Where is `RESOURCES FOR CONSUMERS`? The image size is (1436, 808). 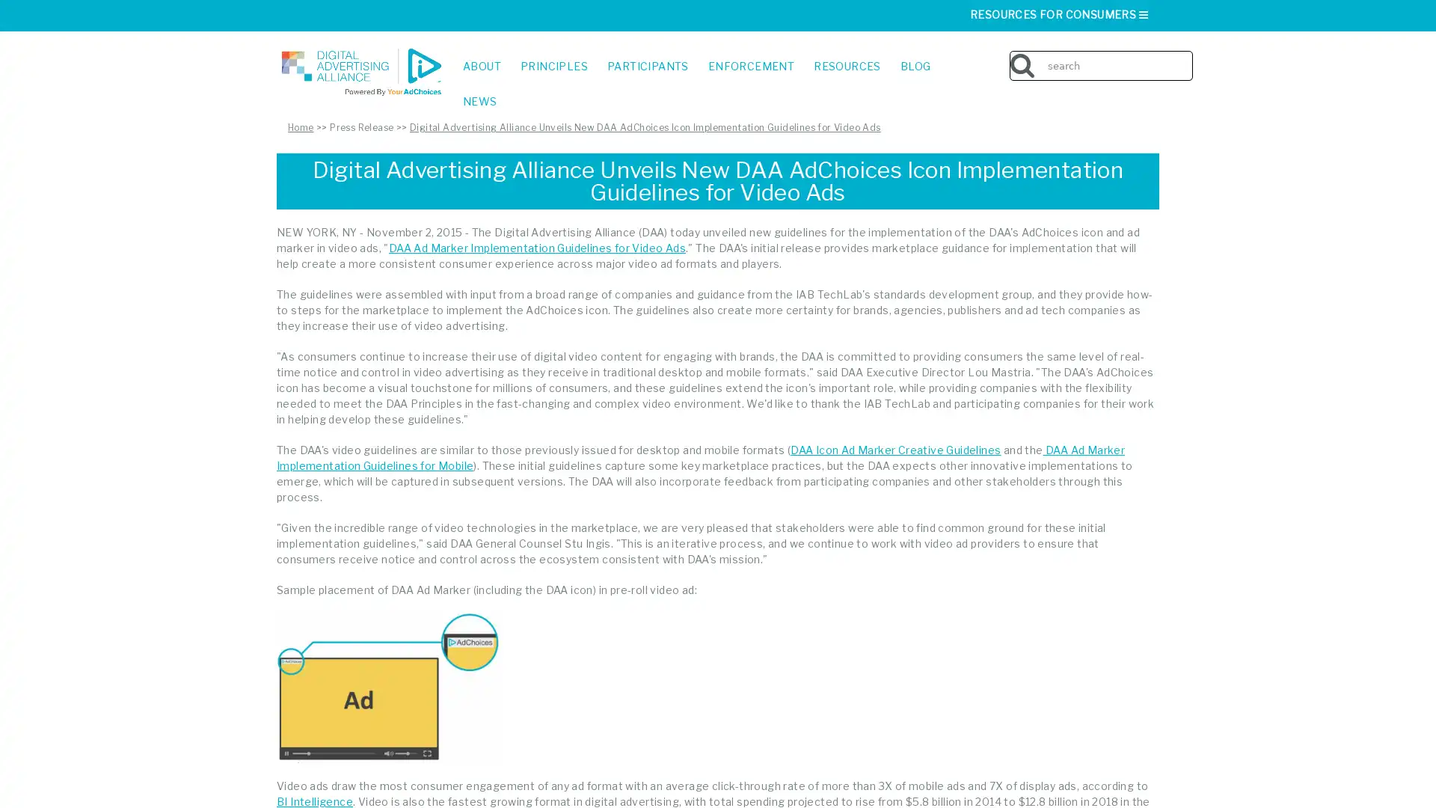
RESOURCES FOR CONSUMERS is located at coordinates (1059, 14).